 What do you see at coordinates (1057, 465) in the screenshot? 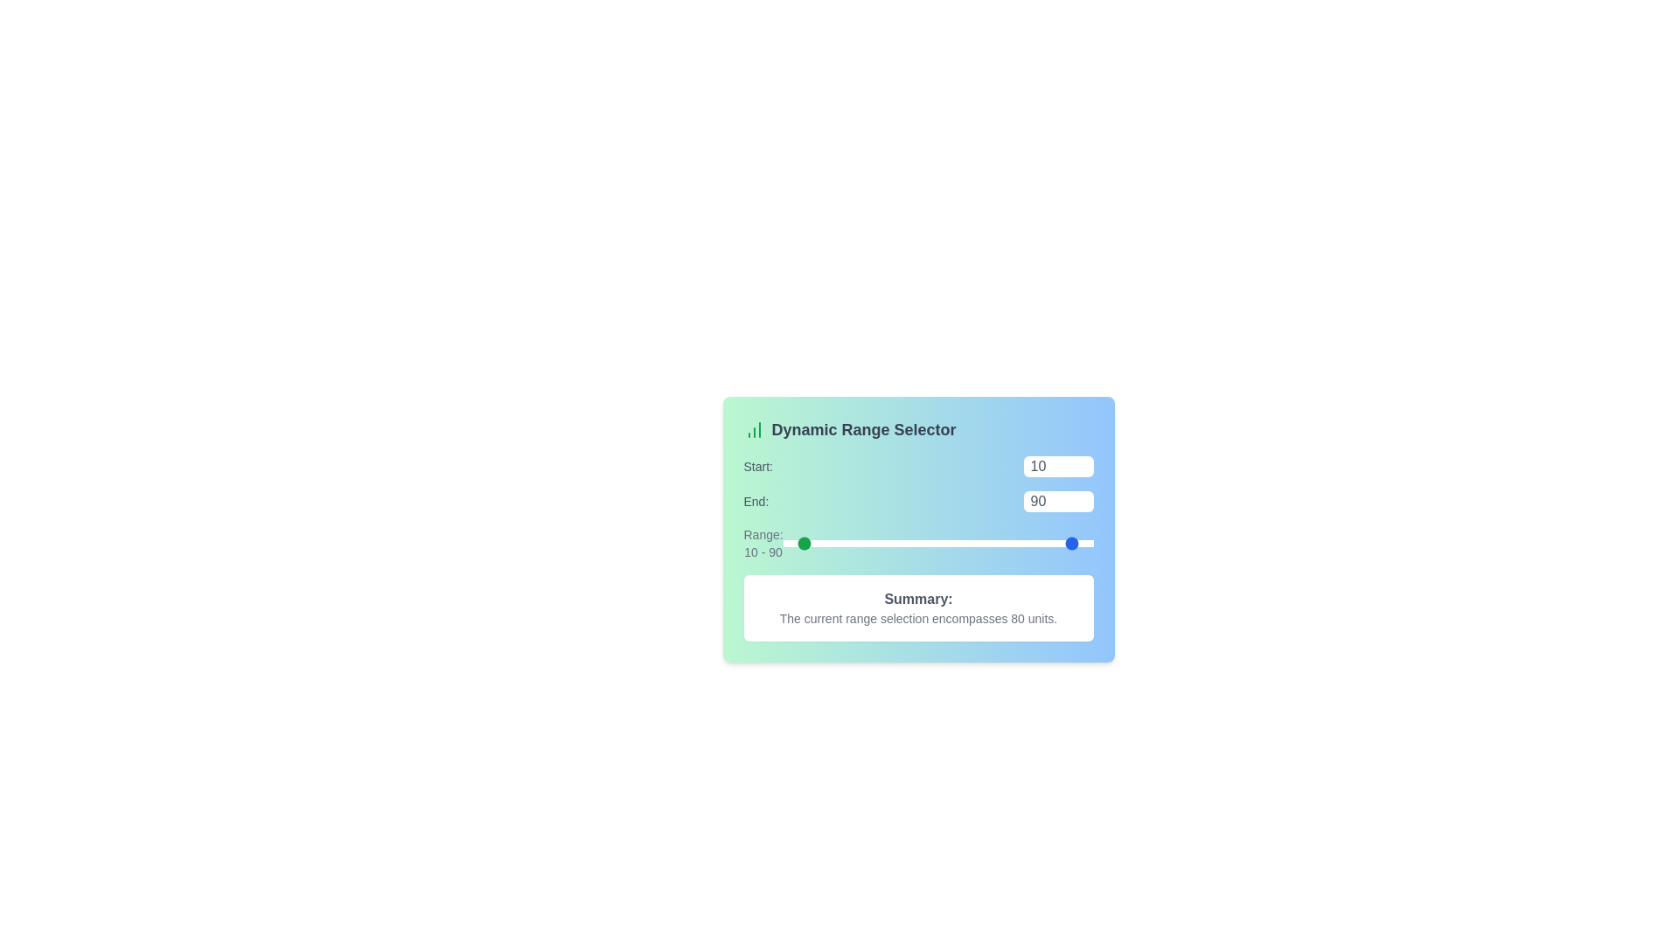
I see `the 'Start' range value to 4 using the input box` at bounding box center [1057, 465].